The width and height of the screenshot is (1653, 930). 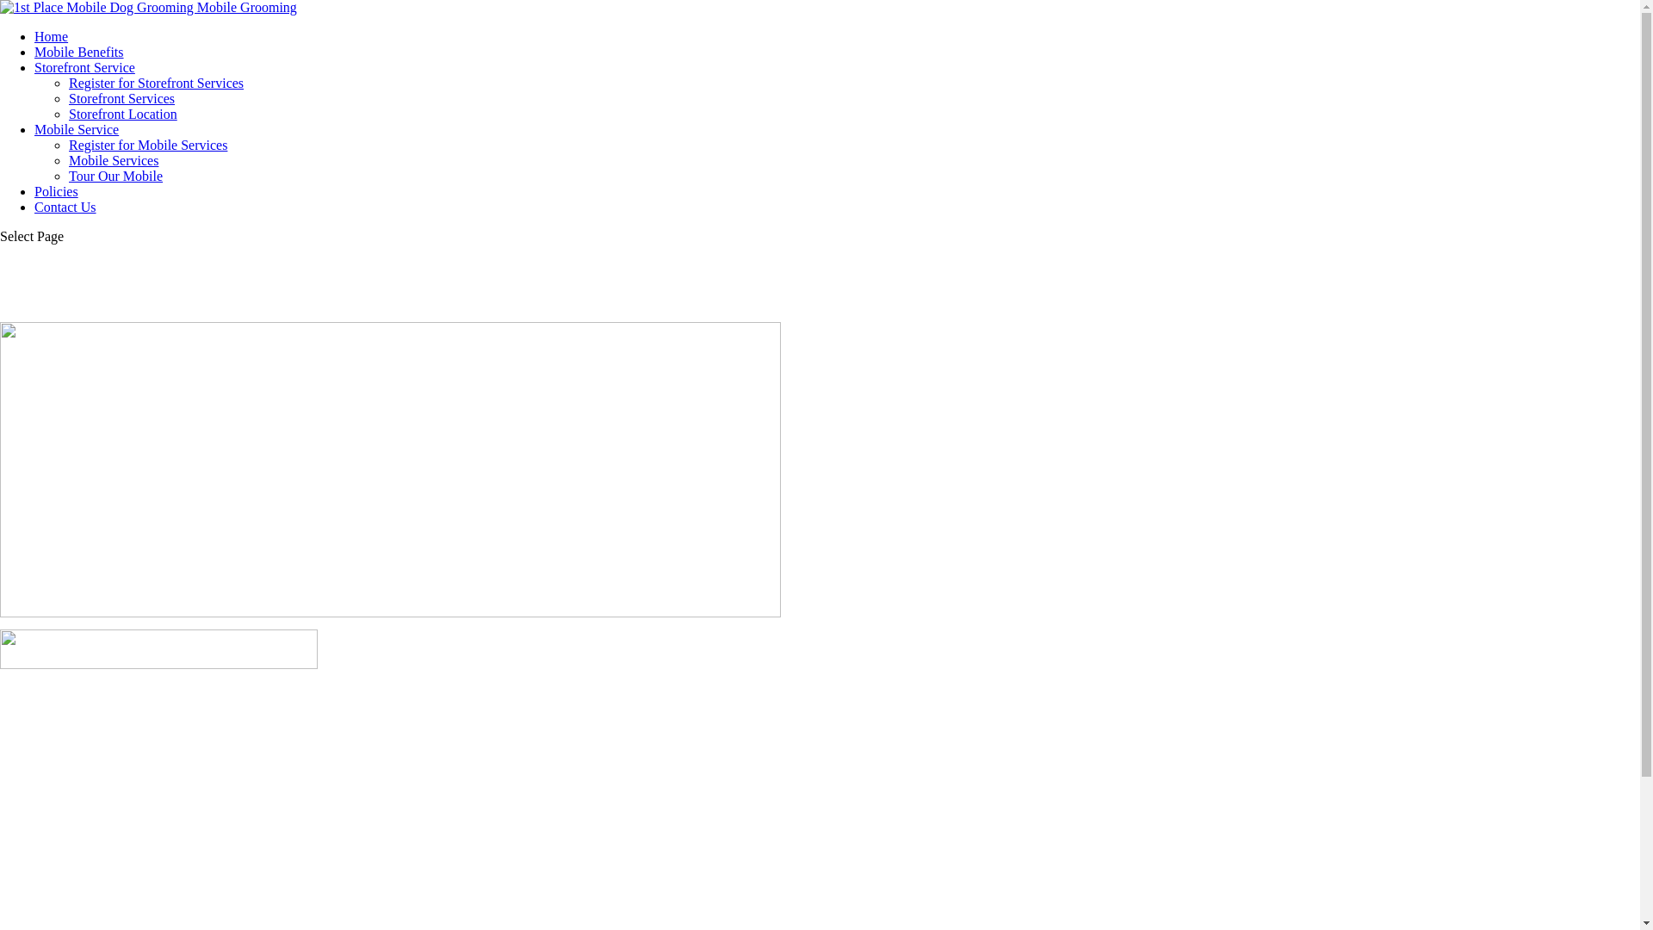 I want to click on 'Mobile Benefits', so click(x=34, y=51).